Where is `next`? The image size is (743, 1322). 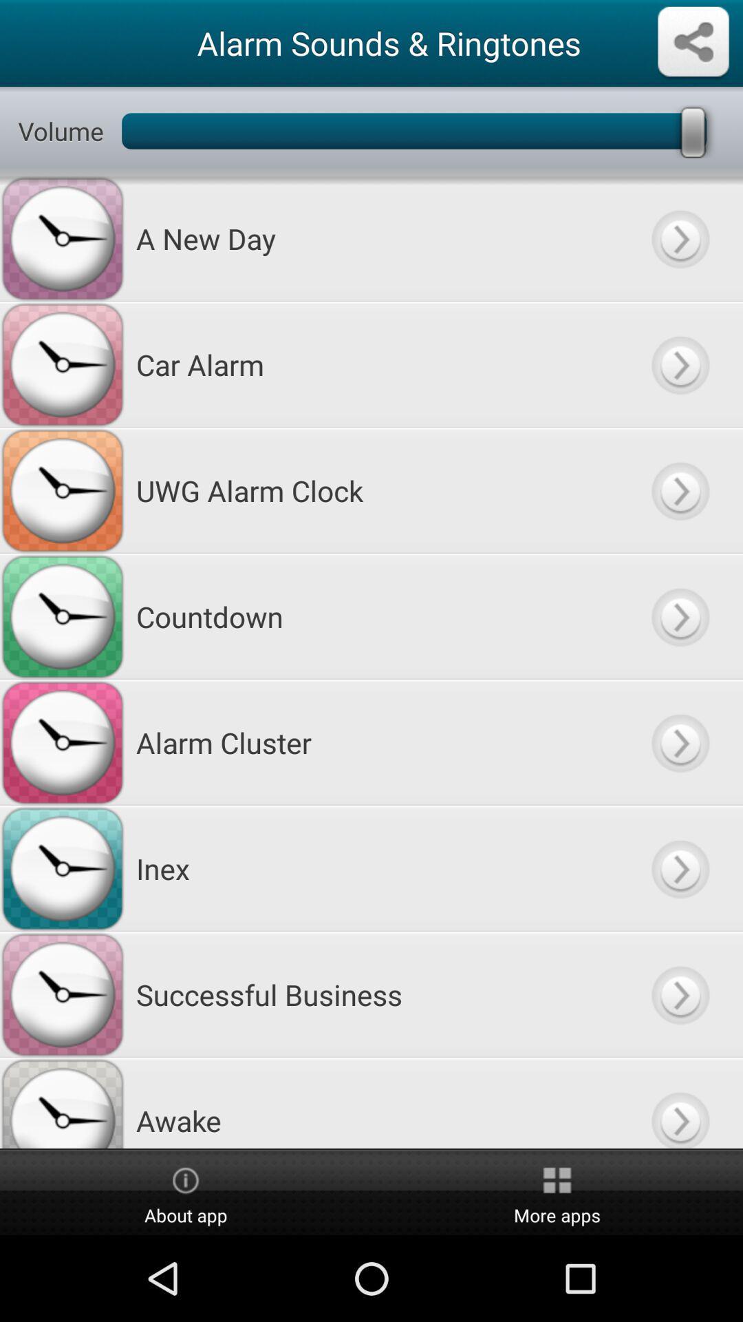 next is located at coordinates (679, 742).